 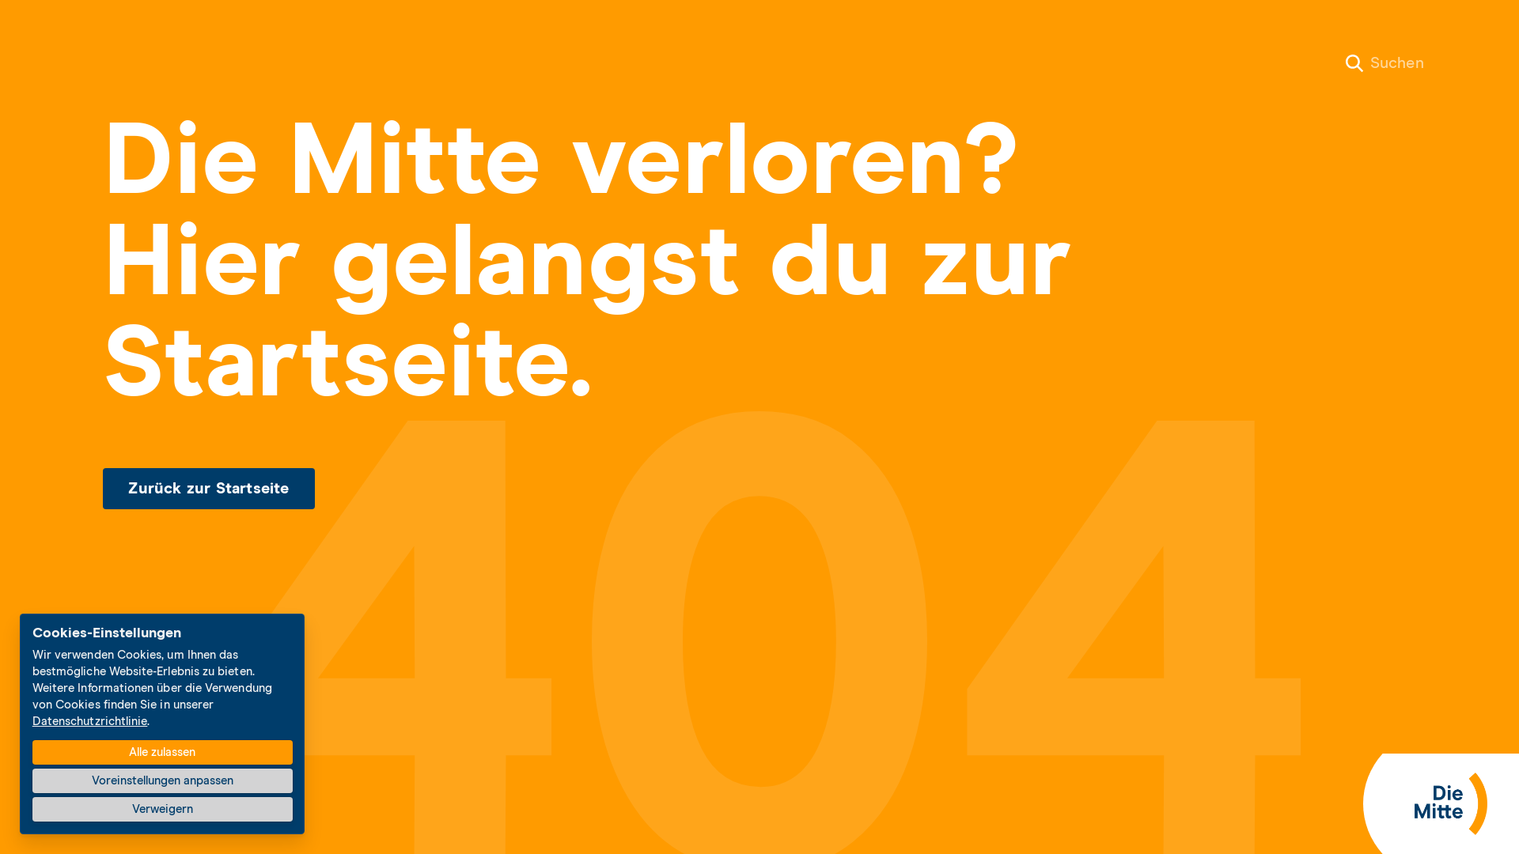 I want to click on 'Datenschutzrichtlinie', so click(x=89, y=721).